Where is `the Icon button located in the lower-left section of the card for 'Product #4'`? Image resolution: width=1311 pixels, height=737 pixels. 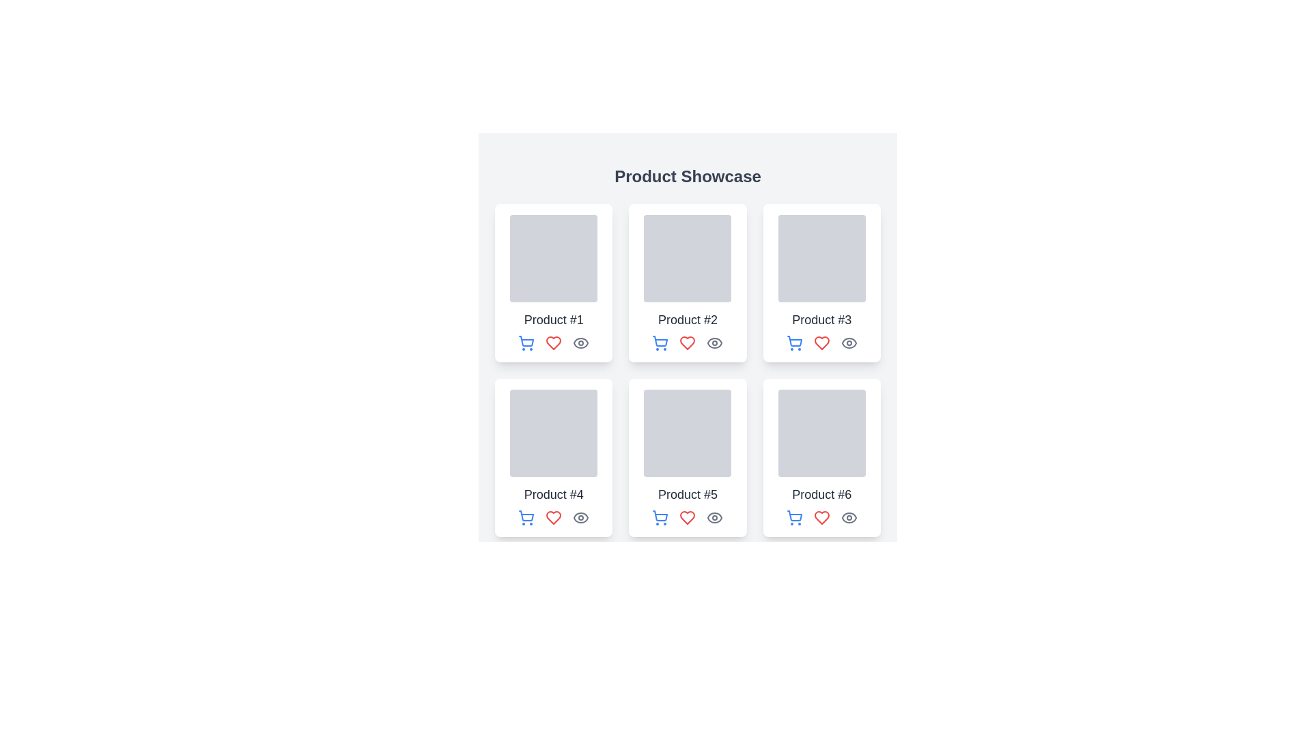 the Icon button located in the lower-left section of the card for 'Product #4' is located at coordinates (526, 518).